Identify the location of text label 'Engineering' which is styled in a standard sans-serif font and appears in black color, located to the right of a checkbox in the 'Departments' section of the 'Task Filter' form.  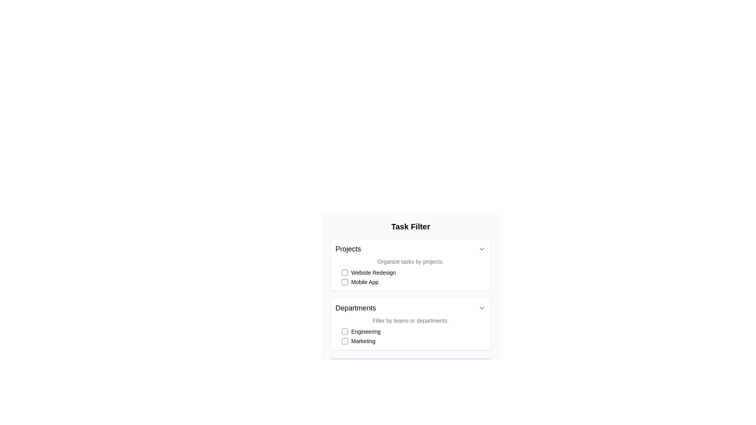
(365, 332).